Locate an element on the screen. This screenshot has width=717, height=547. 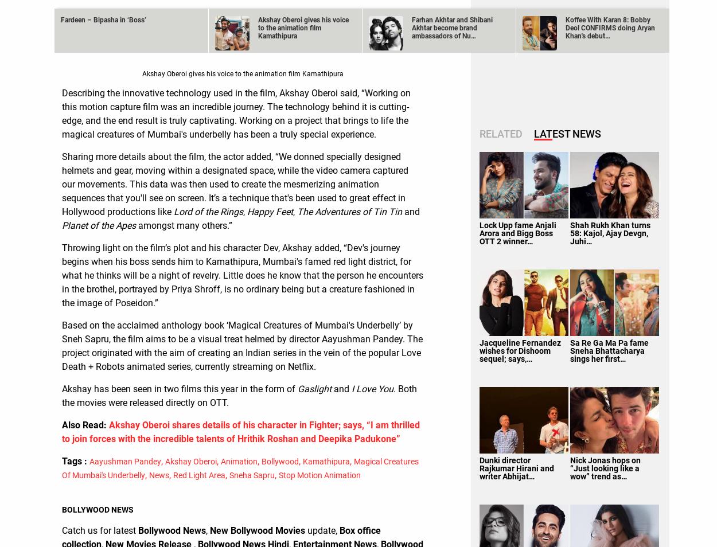
'The Adventures of Tin Tin' is located at coordinates (349, 211).